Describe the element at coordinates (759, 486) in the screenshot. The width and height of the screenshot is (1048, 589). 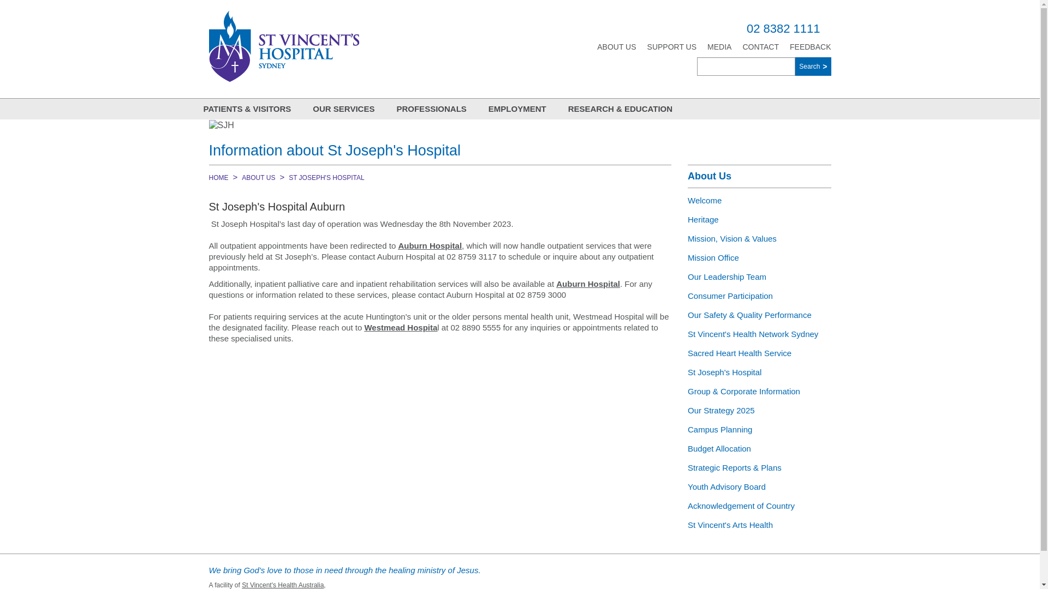
I see `'Youth Advisory Board'` at that location.